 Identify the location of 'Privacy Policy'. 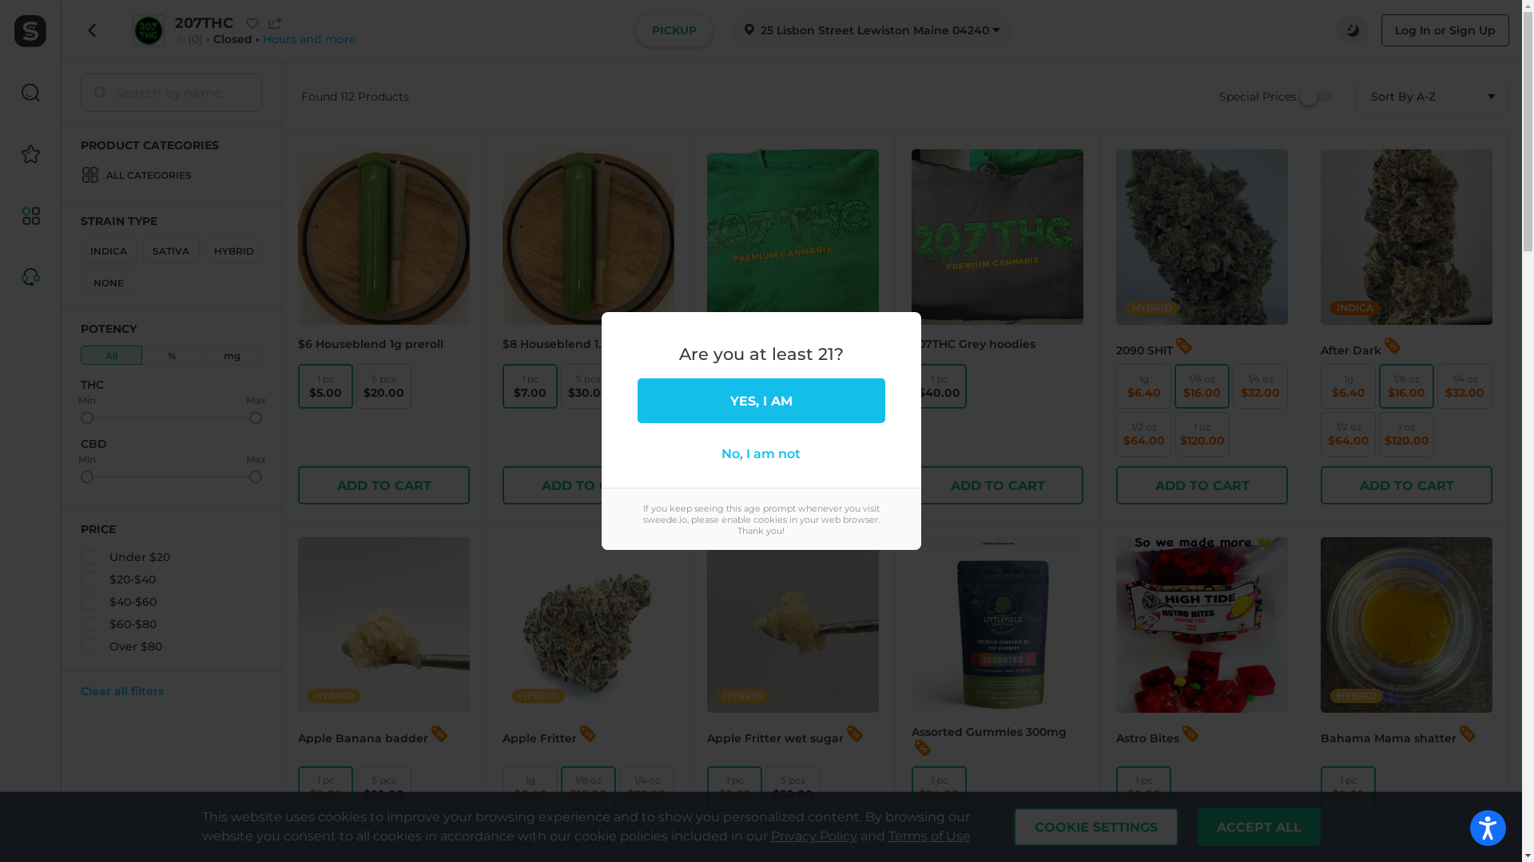
(770, 835).